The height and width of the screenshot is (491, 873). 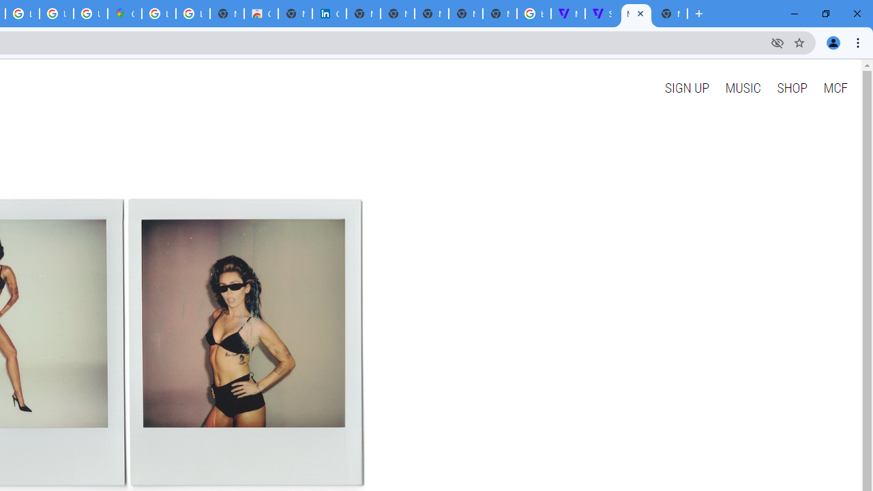 I want to click on 'Streaming - The Verge', so click(x=601, y=14).